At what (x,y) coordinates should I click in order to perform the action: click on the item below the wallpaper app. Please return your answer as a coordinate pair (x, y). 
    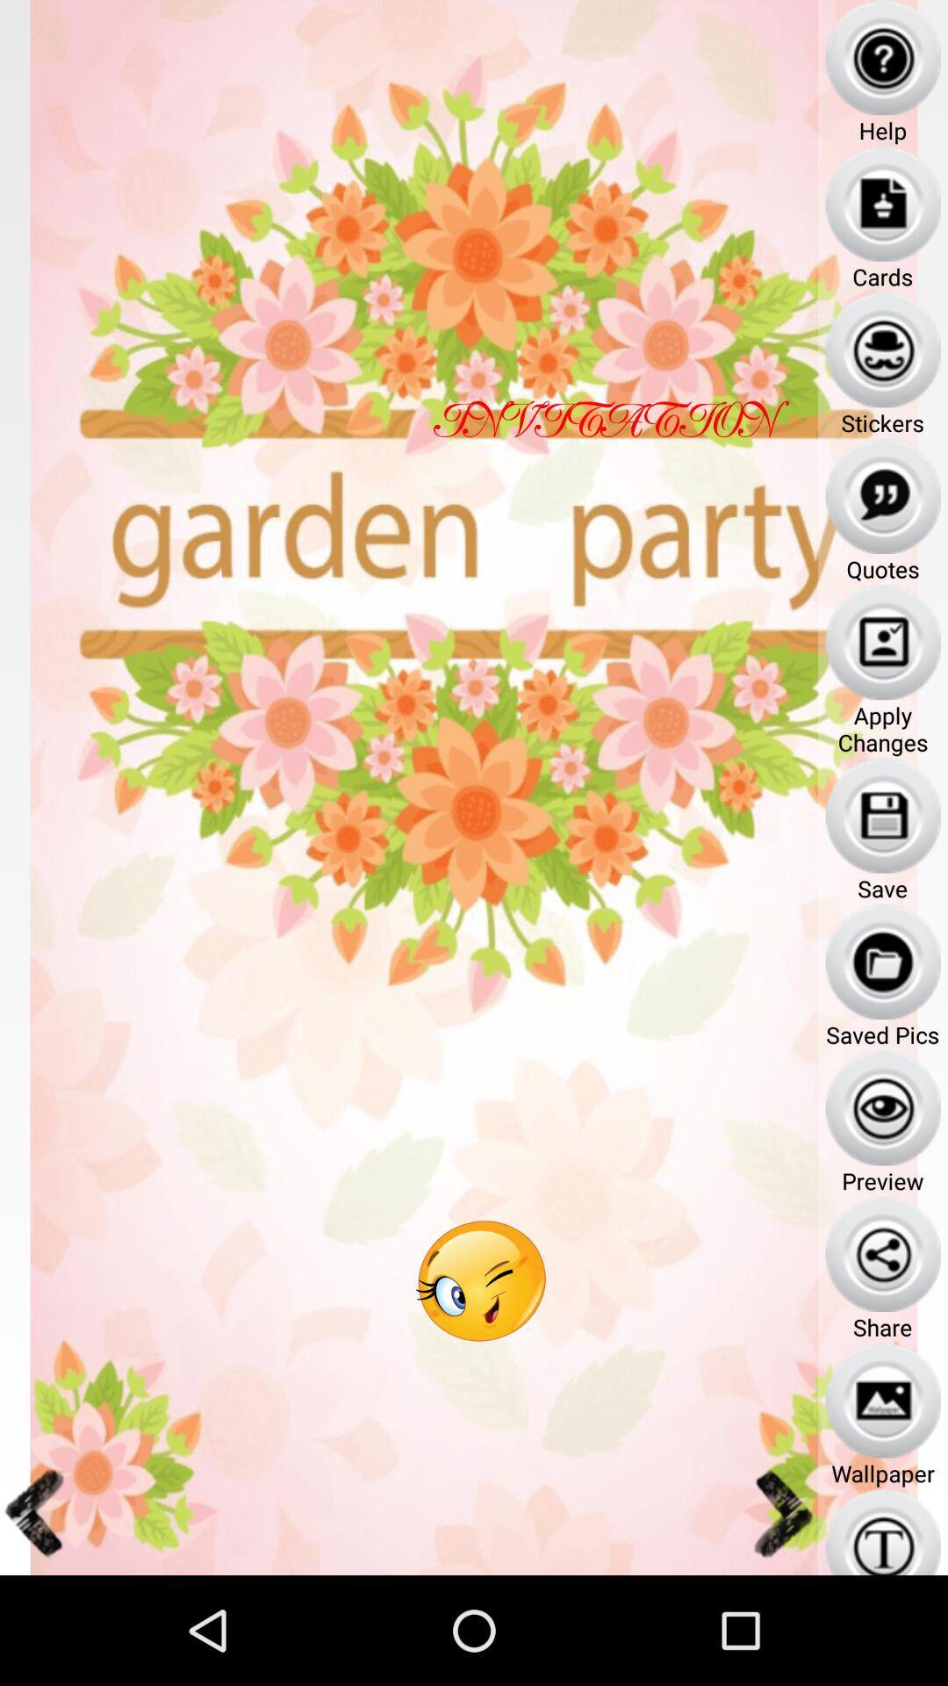
    Looking at the image, I should click on (883, 1531).